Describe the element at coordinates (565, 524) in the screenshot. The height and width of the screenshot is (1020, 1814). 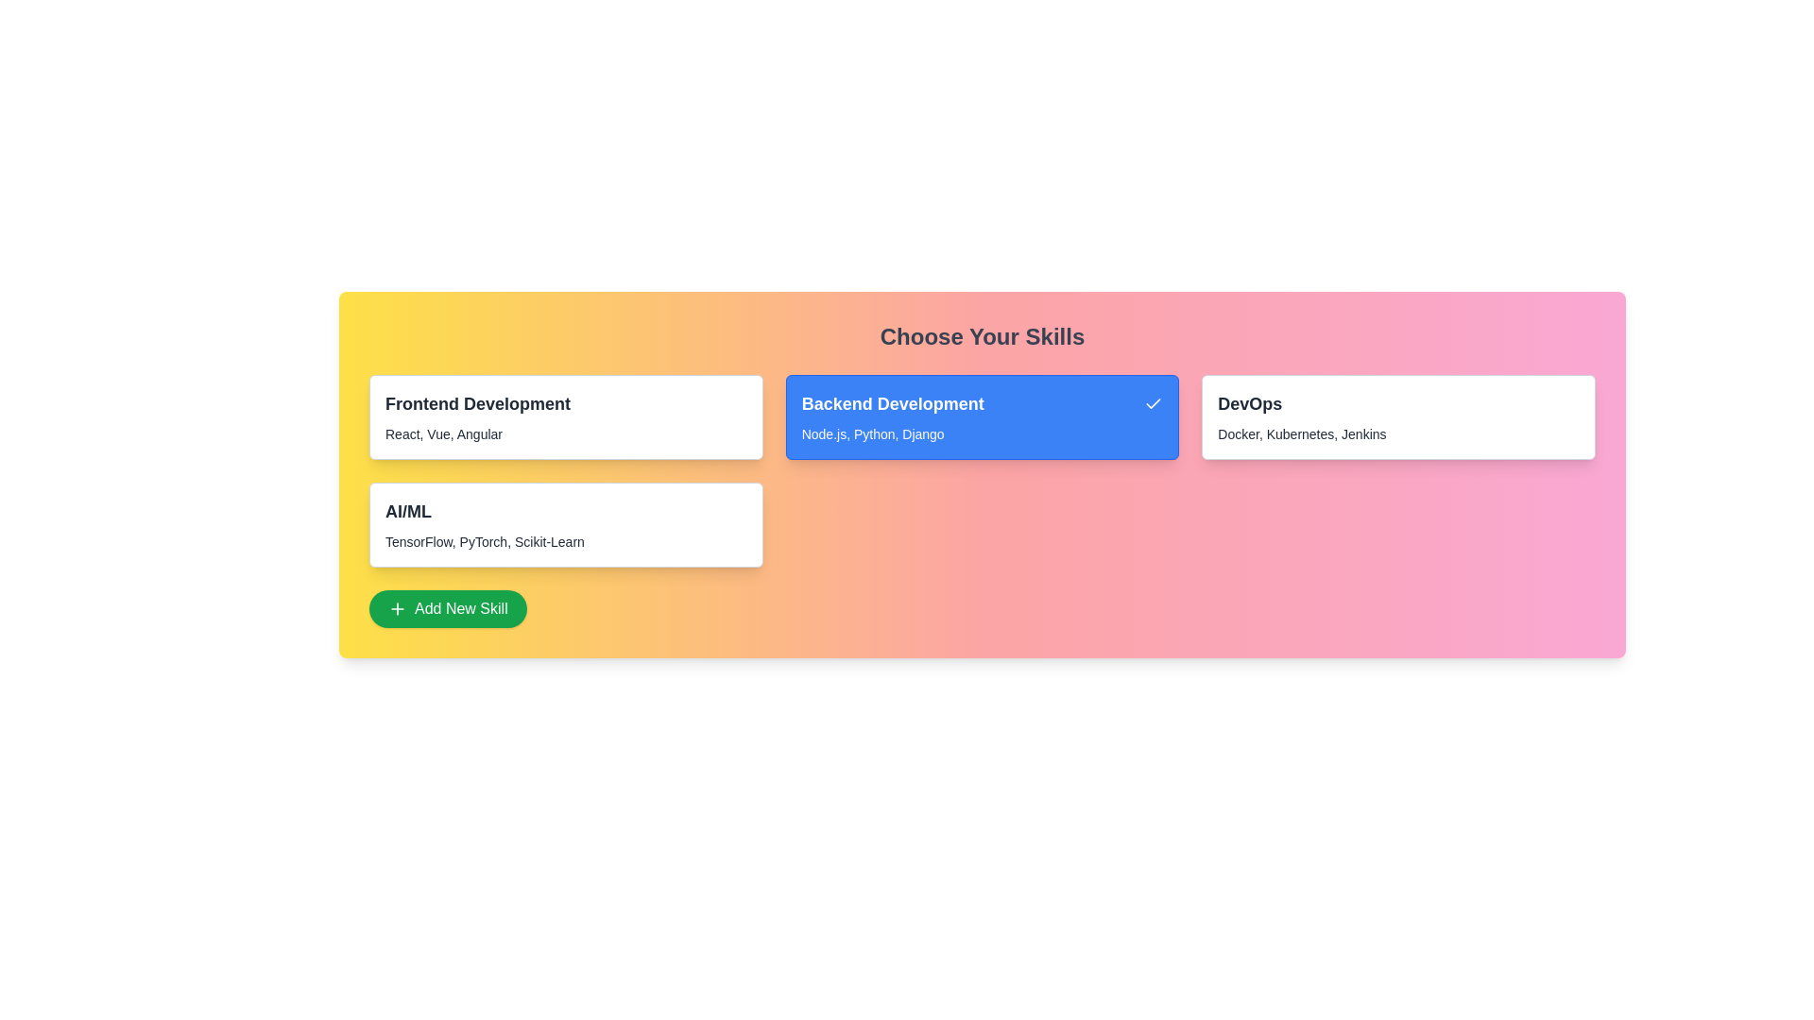
I see `the skill card labeled AI/ML` at that location.